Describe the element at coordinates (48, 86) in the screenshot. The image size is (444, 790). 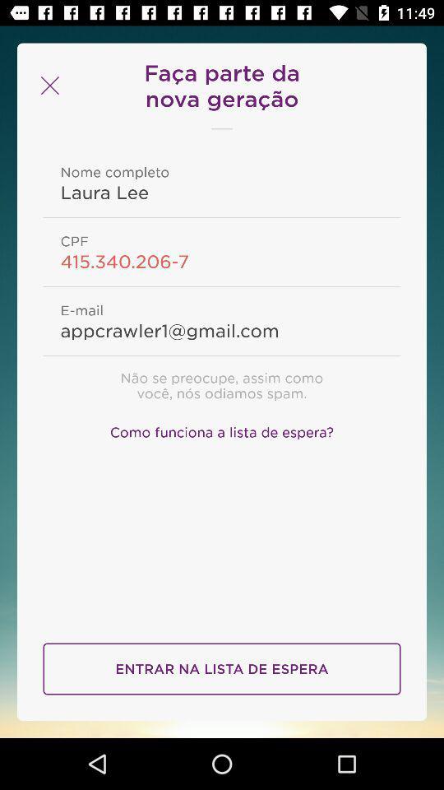
I see `icon at the top left corner` at that location.